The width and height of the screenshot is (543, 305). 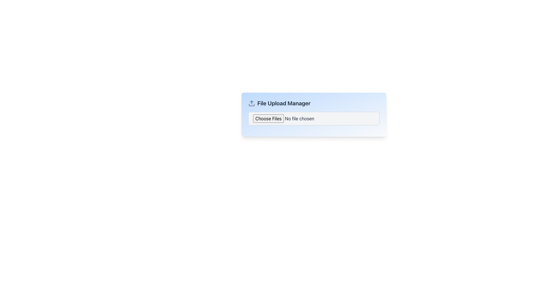 I want to click on the upload icon located on the left side of the 'File Upload Manager' text, so click(x=251, y=103).